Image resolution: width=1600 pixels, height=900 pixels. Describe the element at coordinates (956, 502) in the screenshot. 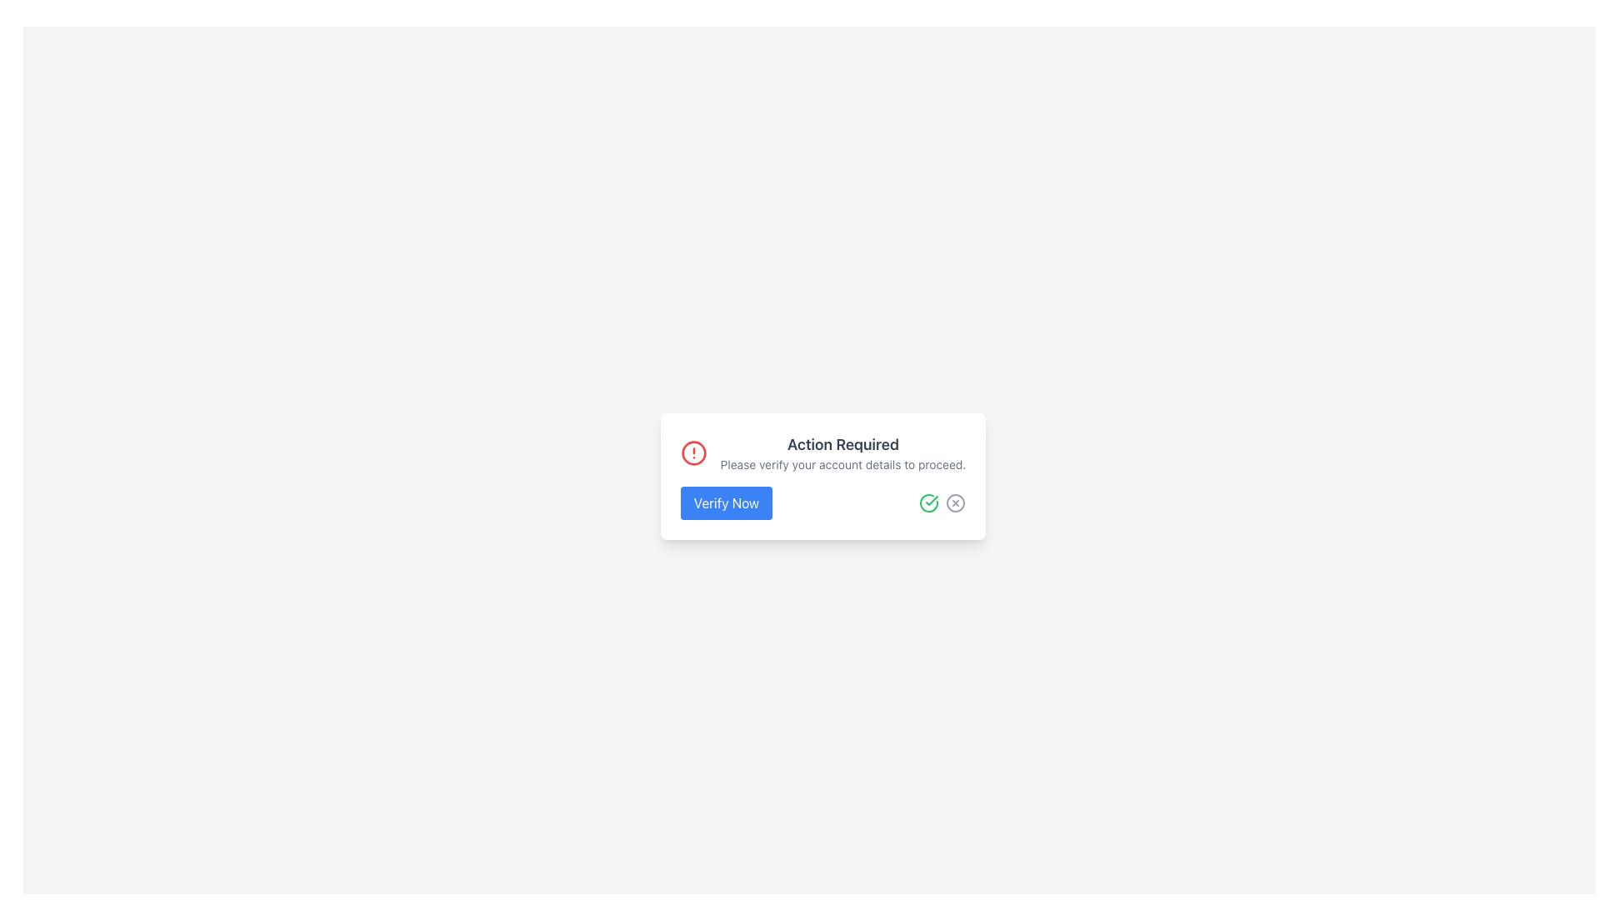

I see `the circular part of the icon located at the bottom right of the modal dialogue box, which features a circle with an 'X' inside` at that location.